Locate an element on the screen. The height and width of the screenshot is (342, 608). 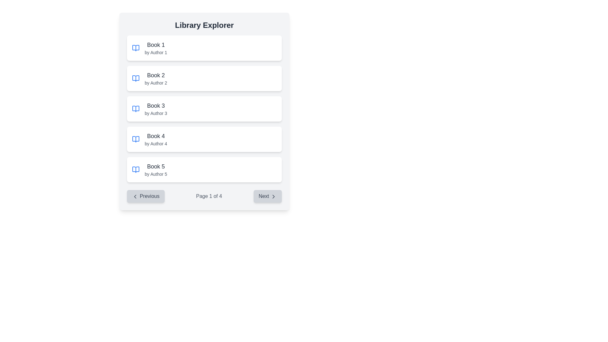
the 'Book 1' icon located in the first list item under 'Library Explorer', which visually represents 'Book 1 by Author 1' is located at coordinates (135, 47).